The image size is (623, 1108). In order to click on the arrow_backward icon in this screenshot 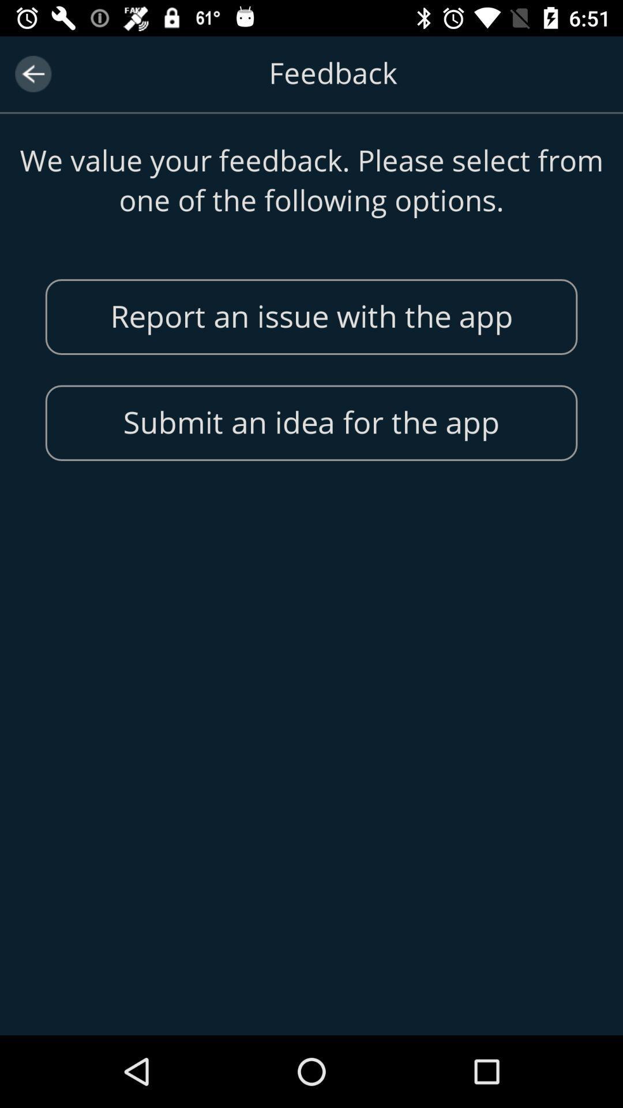, I will do `click(32, 73)`.